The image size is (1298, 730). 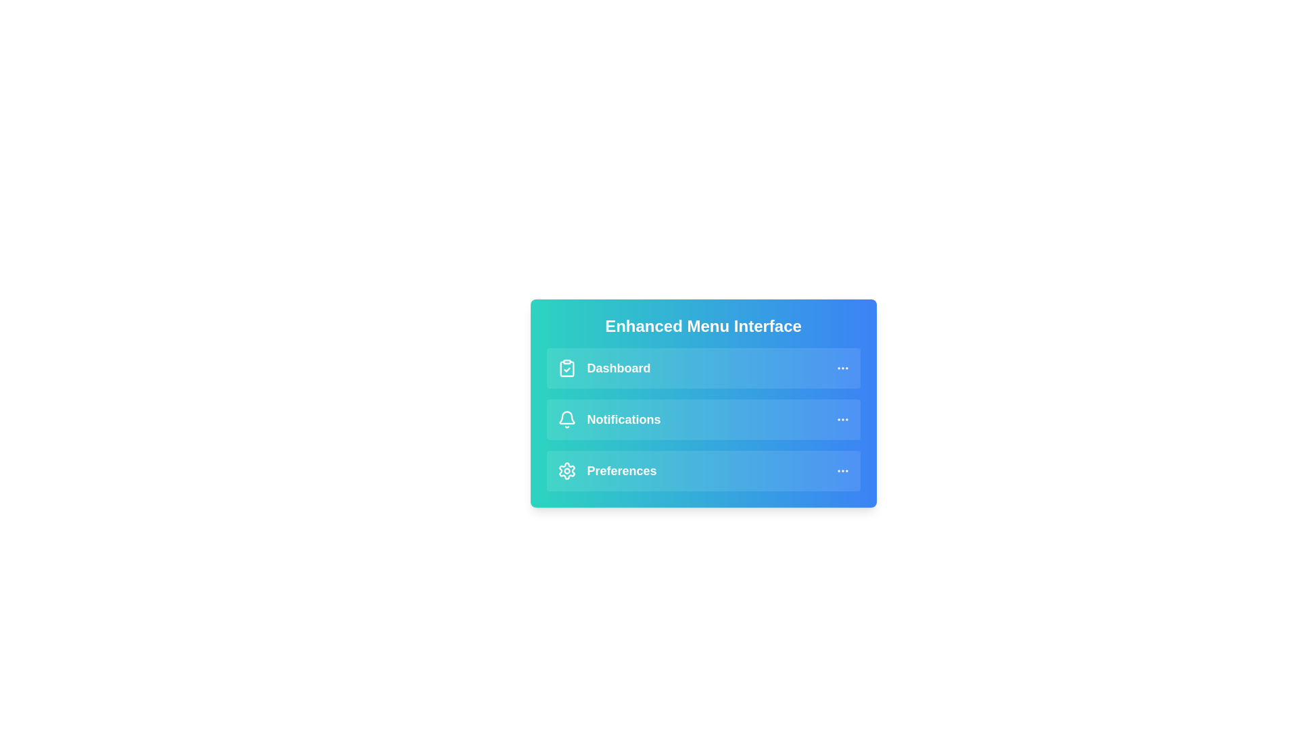 What do you see at coordinates (703, 419) in the screenshot?
I see `the 'Notifications' menu item in the Enhanced Menu Interface` at bounding box center [703, 419].